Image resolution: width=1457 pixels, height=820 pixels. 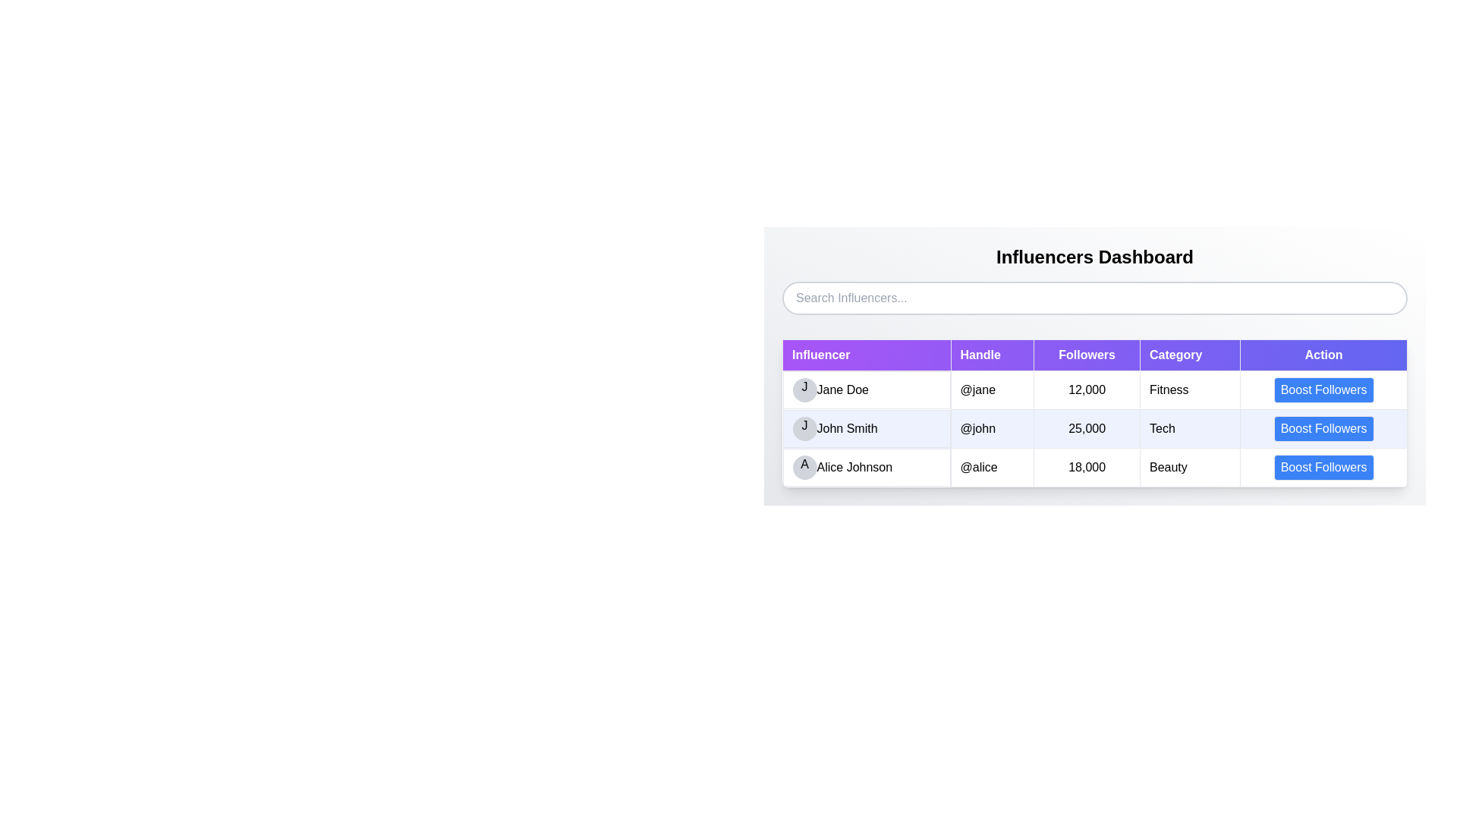 I want to click on the Avatar placeholder representing 'John Smith' in the table layout, so click(x=804, y=428).